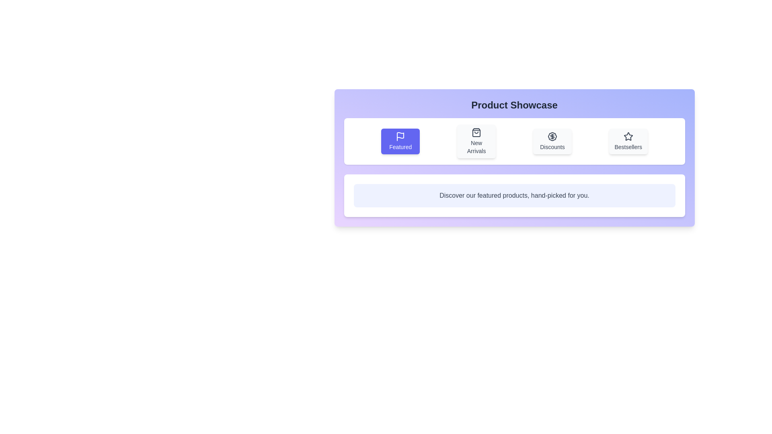 This screenshot has width=772, height=434. Describe the element at coordinates (476, 141) in the screenshot. I see `the 'New Arrivals' button, which is the second button from the left in a group of four buttons, positioned between the 'Featured' button and the 'Discounts' button` at that location.